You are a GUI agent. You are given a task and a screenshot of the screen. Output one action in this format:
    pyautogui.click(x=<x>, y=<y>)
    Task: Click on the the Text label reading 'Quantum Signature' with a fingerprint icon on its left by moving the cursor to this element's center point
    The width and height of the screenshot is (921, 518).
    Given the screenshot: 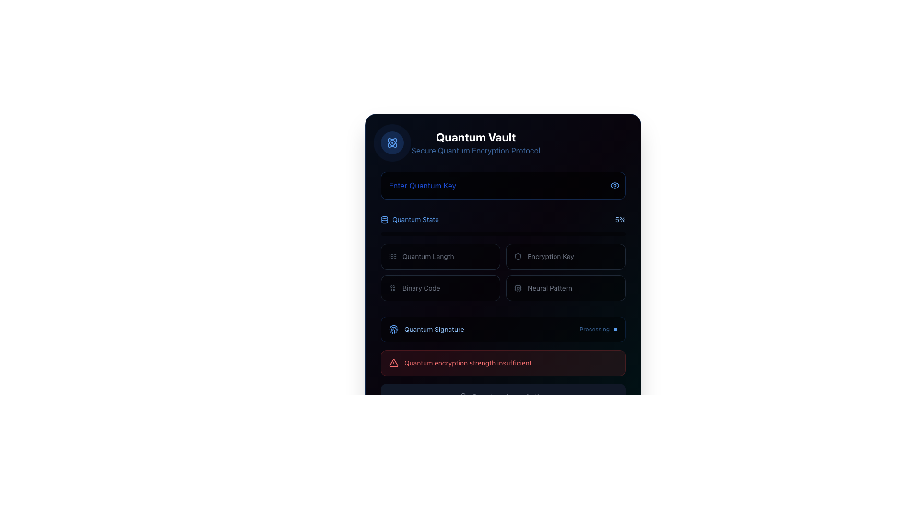 What is the action you would take?
    pyautogui.click(x=426, y=329)
    